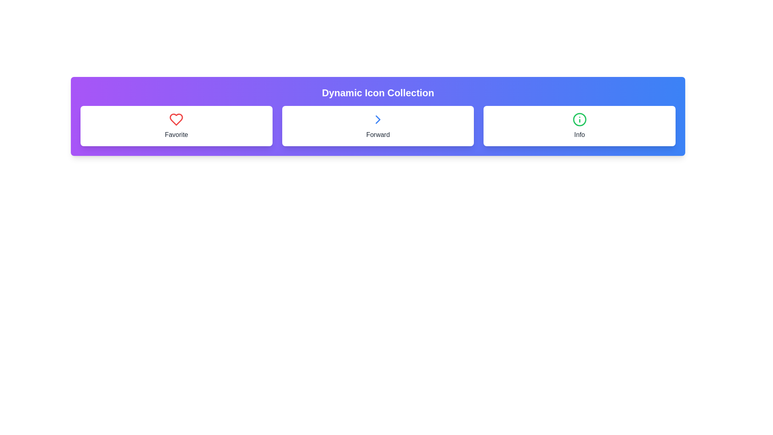 Image resolution: width=773 pixels, height=435 pixels. Describe the element at coordinates (378, 126) in the screenshot. I see `the button labeled 'Forward', which is a card-like component with rounded corners, a white background, and a blue arrow pointing right at the top` at that location.